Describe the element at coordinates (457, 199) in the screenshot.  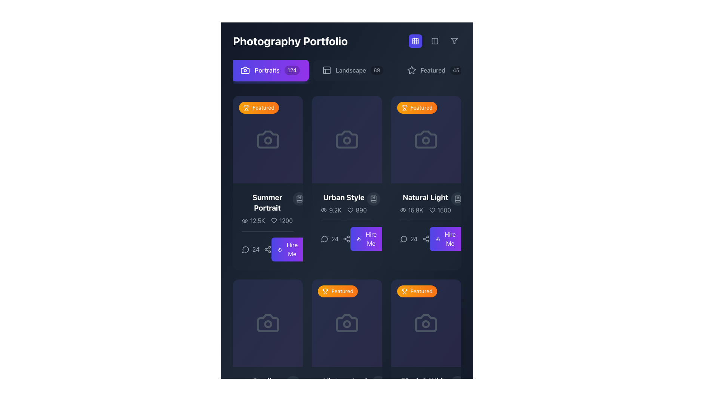
I see `the circular button with a semi-transparent gray background and a book icon located in the top-right corner of the 'Natural Light' content block` at that location.